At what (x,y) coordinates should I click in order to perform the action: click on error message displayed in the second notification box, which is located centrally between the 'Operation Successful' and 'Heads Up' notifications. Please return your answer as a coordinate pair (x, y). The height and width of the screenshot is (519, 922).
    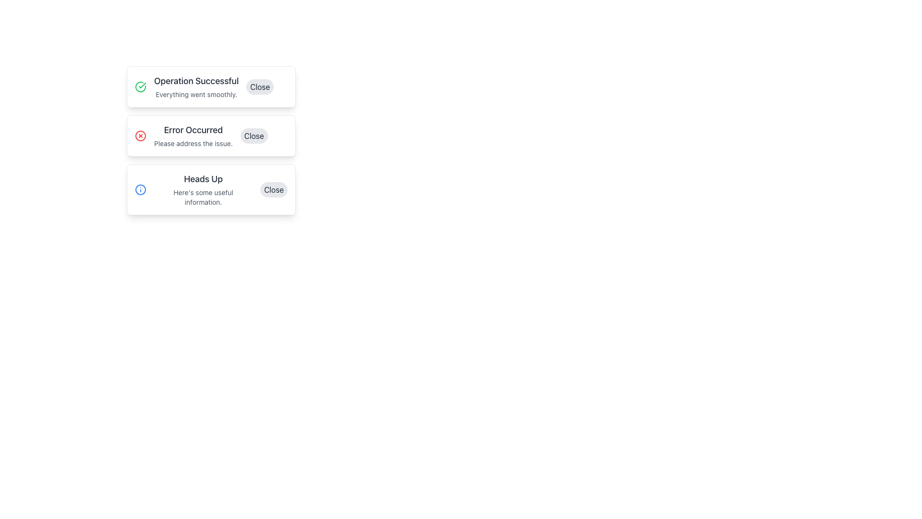
    Looking at the image, I should click on (193, 136).